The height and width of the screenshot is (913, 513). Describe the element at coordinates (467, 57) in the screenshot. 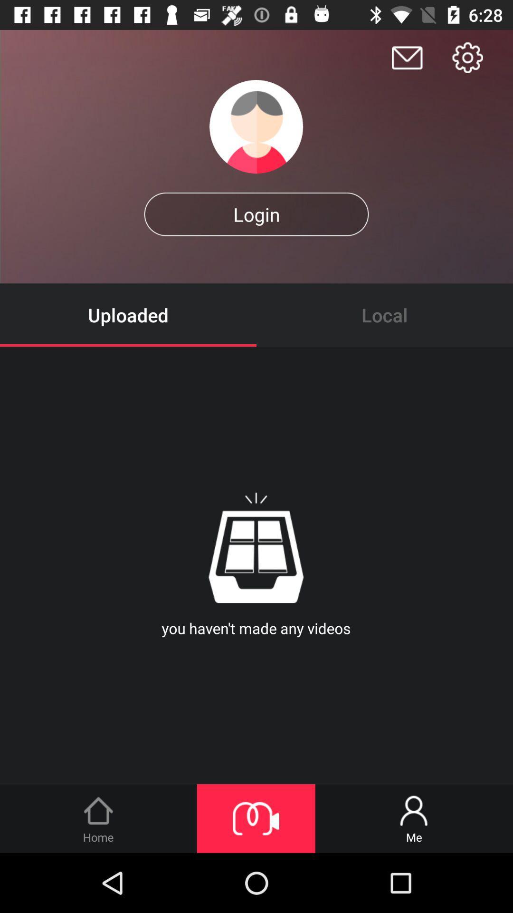

I see `adjust settings` at that location.